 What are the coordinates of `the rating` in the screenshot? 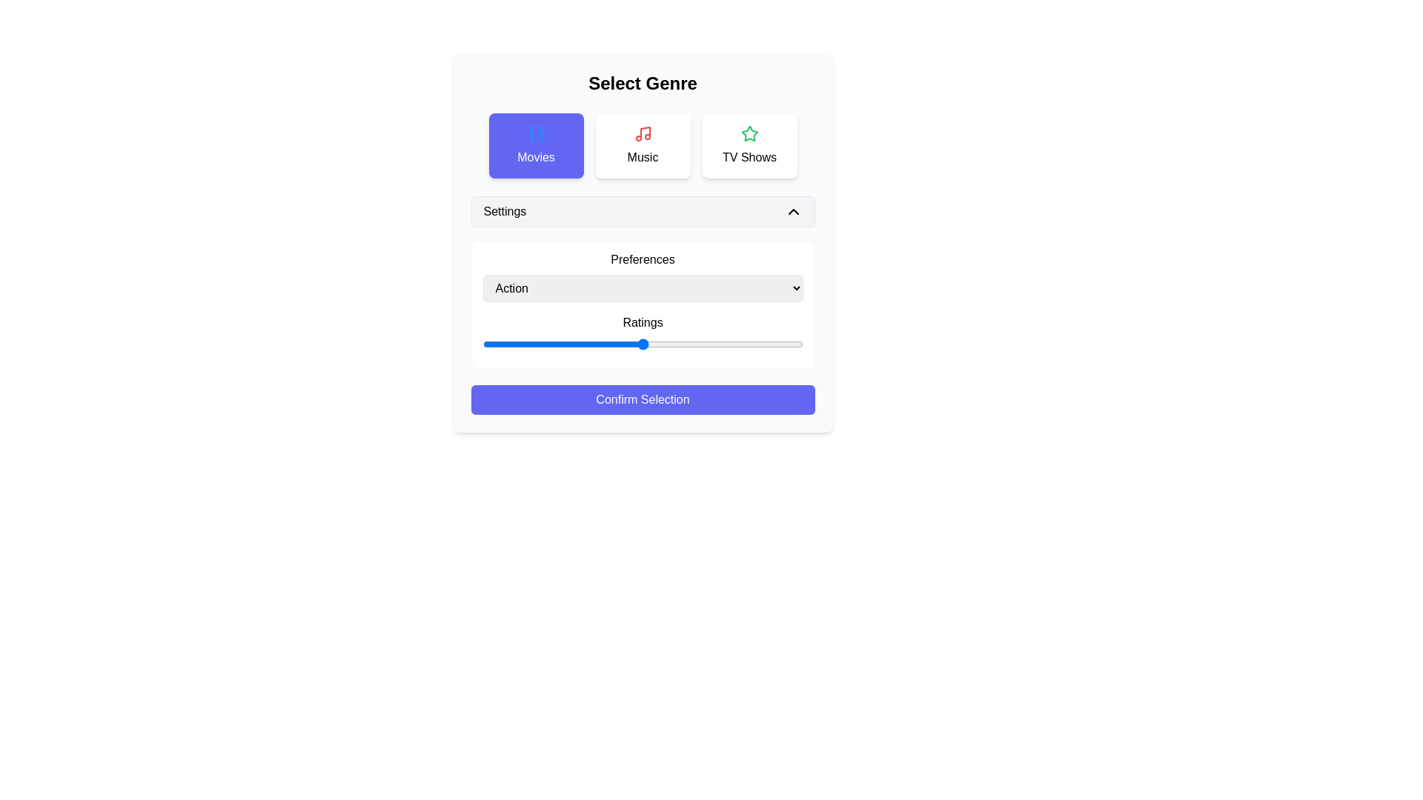 It's located at (726, 344).